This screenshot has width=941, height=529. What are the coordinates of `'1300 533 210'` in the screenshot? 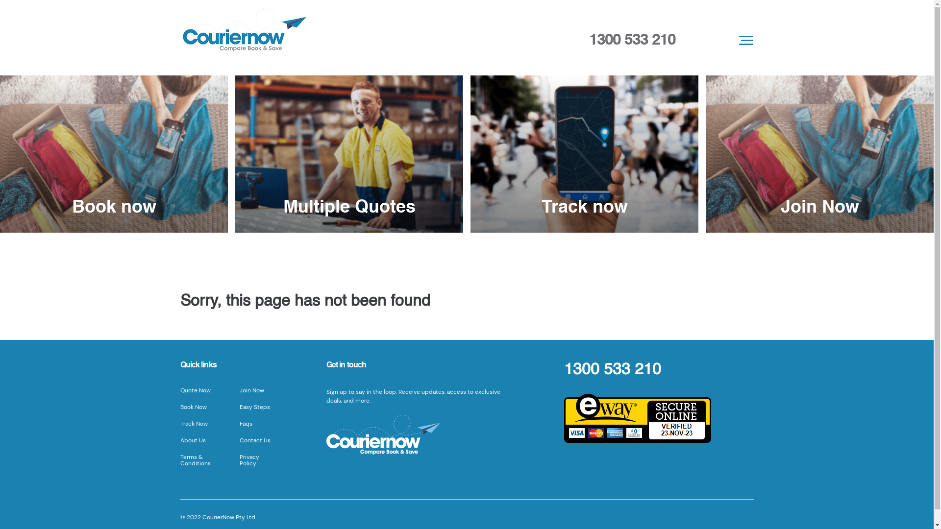 It's located at (612, 370).